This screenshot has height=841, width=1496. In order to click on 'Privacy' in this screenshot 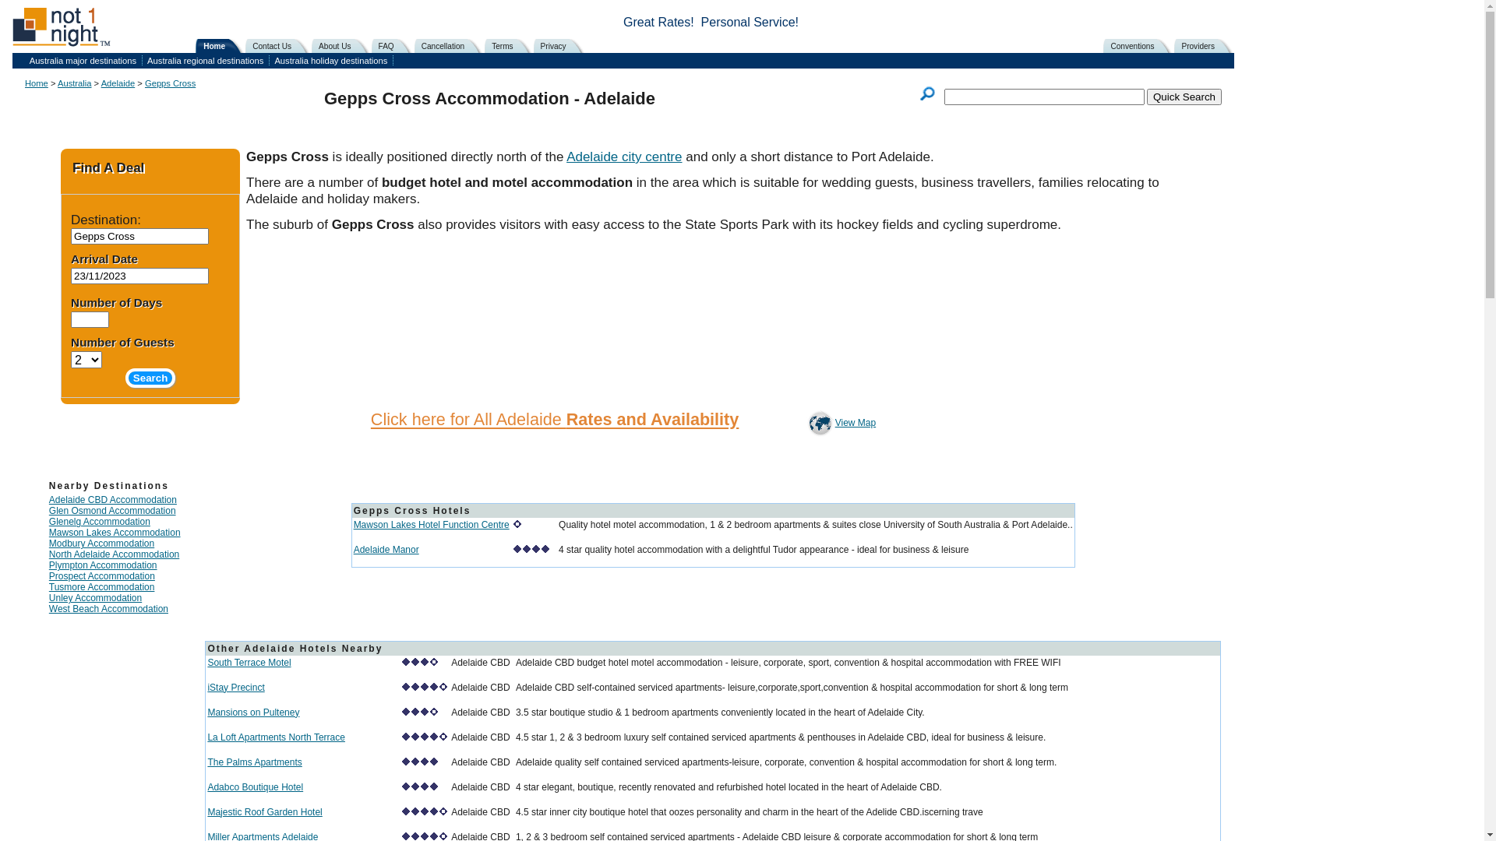, I will do `click(538, 44)`.